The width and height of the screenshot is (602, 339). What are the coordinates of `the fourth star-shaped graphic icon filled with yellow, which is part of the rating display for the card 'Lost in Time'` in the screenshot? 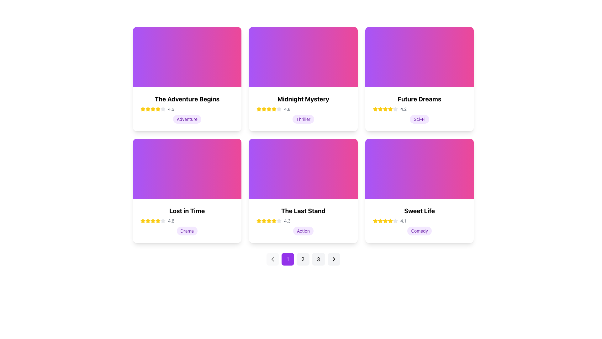 It's located at (142, 220).